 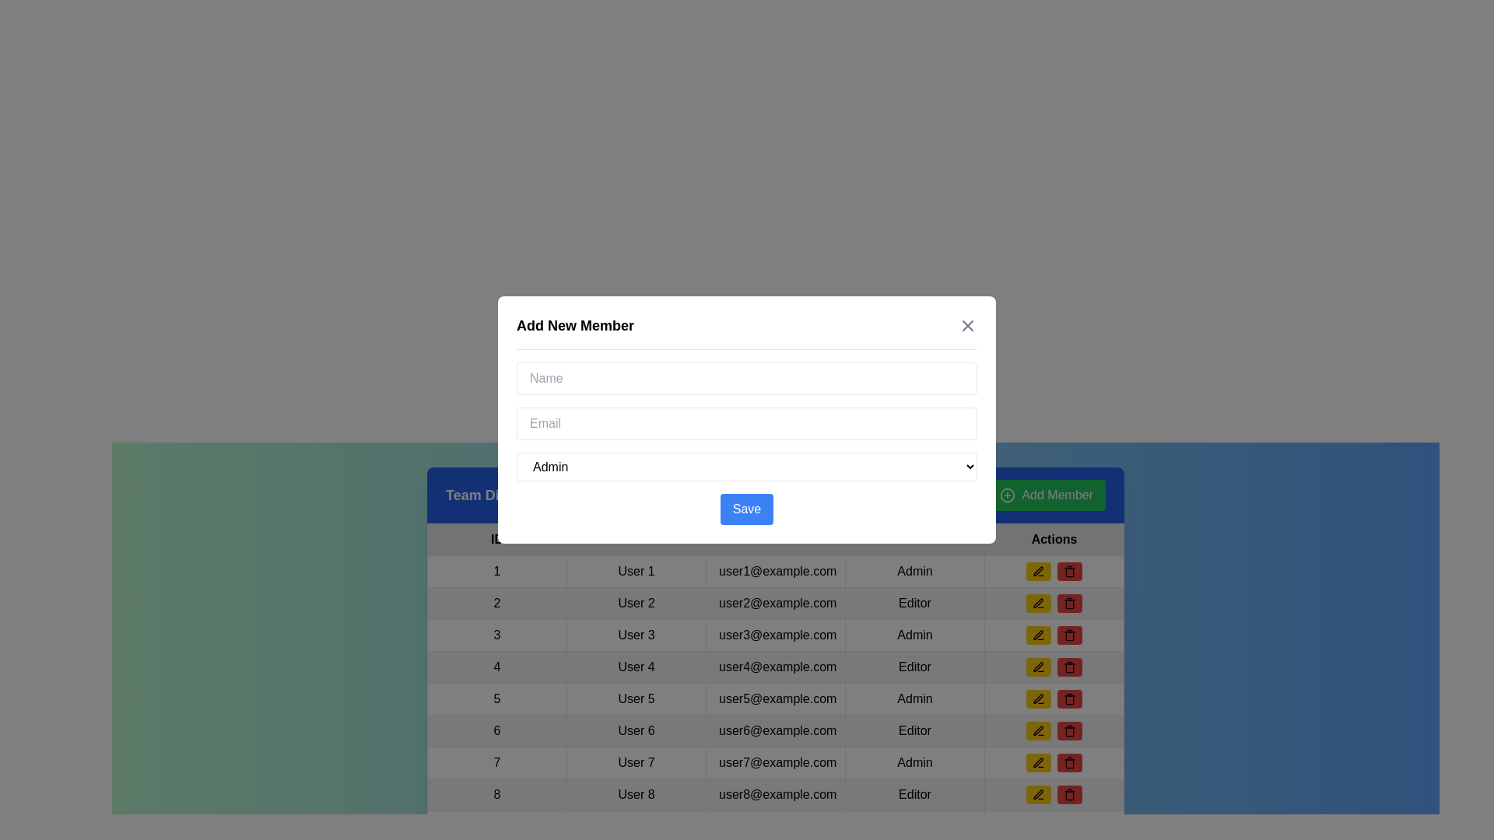 What do you see at coordinates (1054, 698) in the screenshot?
I see `the bright yellow edit button with a black pen icon, which is the first button in the 'Actions' column of the fifth row in the data table` at bounding box center [1054, 698].